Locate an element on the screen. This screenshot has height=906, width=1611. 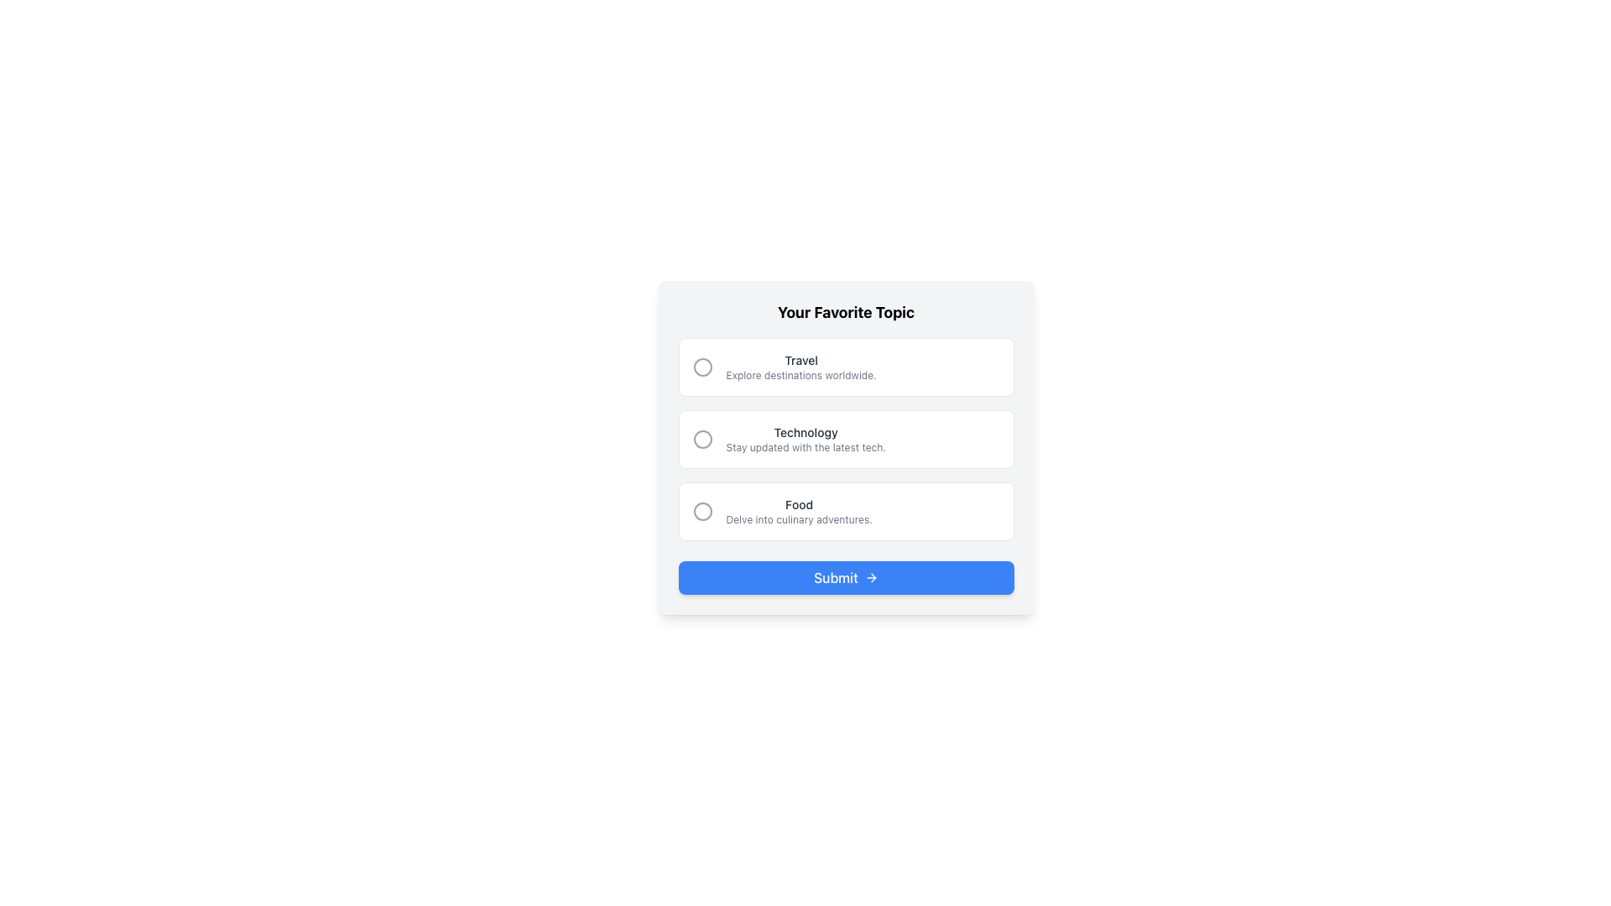
the text display that shows 'Food' and 'Delve into culinary adventures' is located at coordinates (798, 510).